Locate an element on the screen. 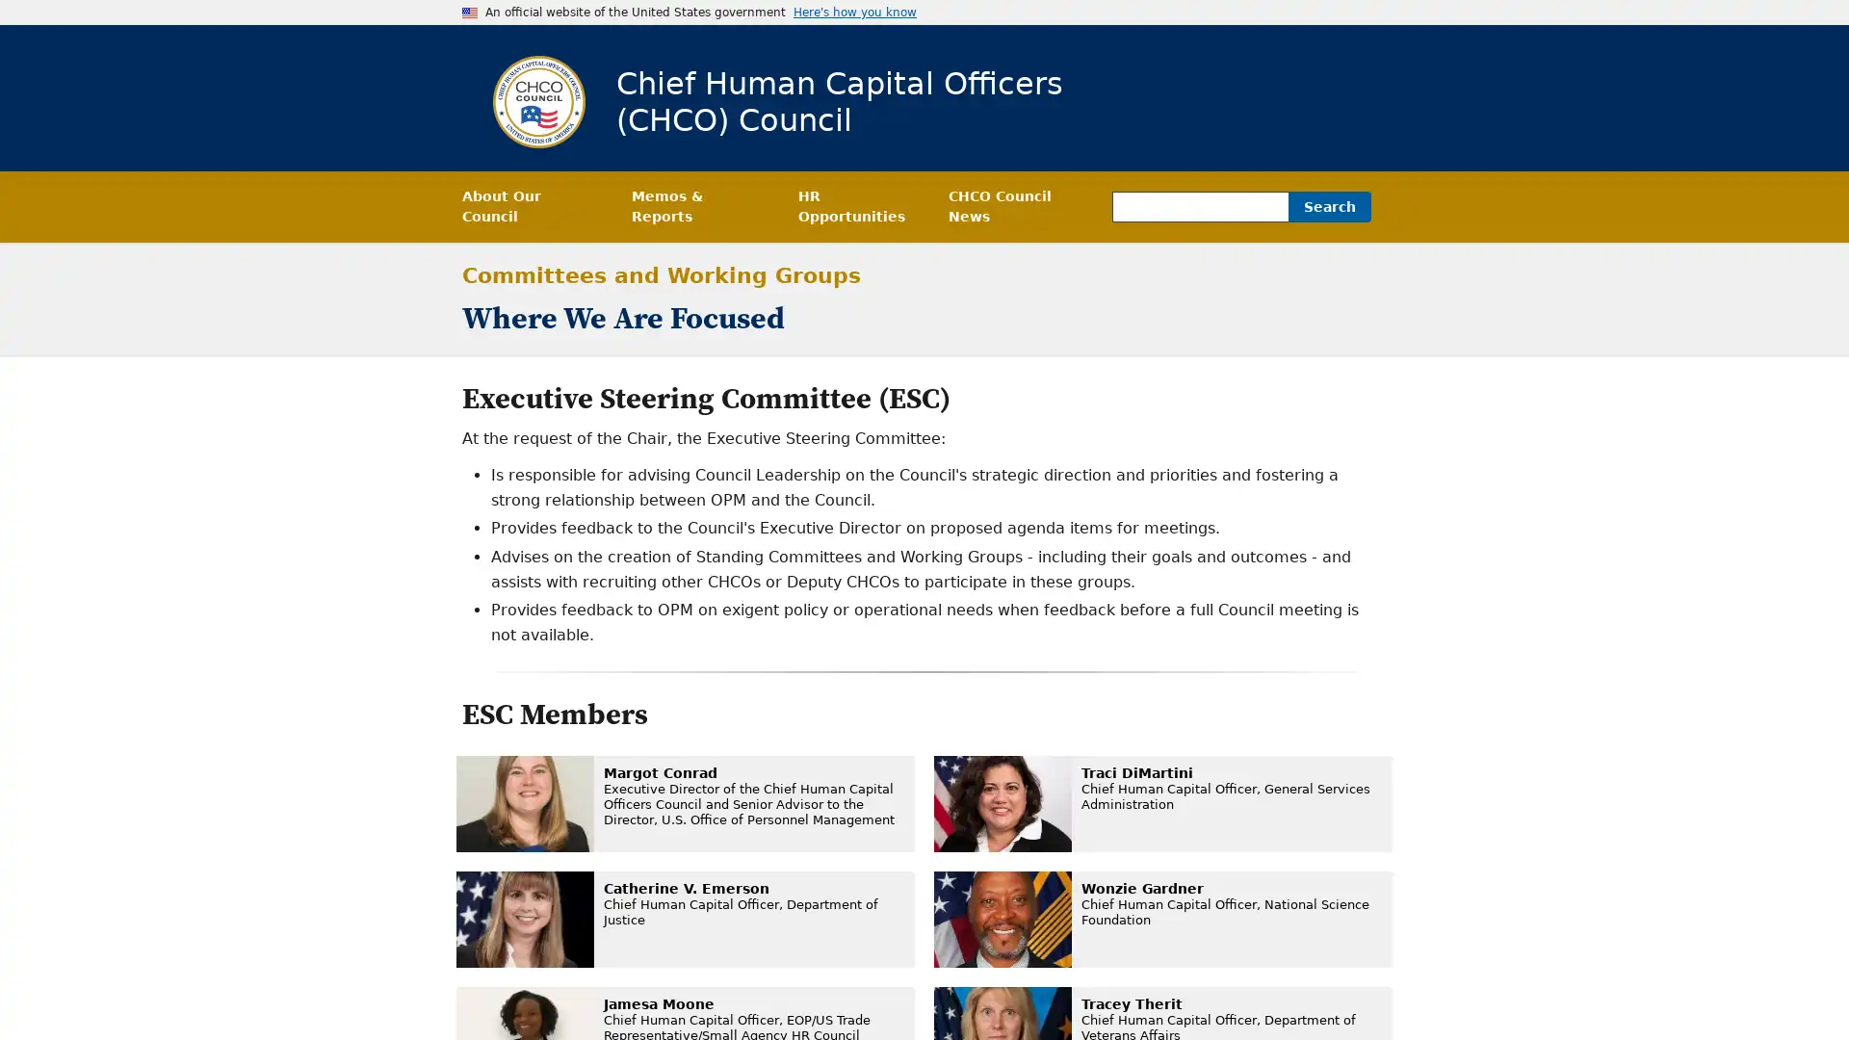  Memos & Reports is located at coordinates (697, 207).